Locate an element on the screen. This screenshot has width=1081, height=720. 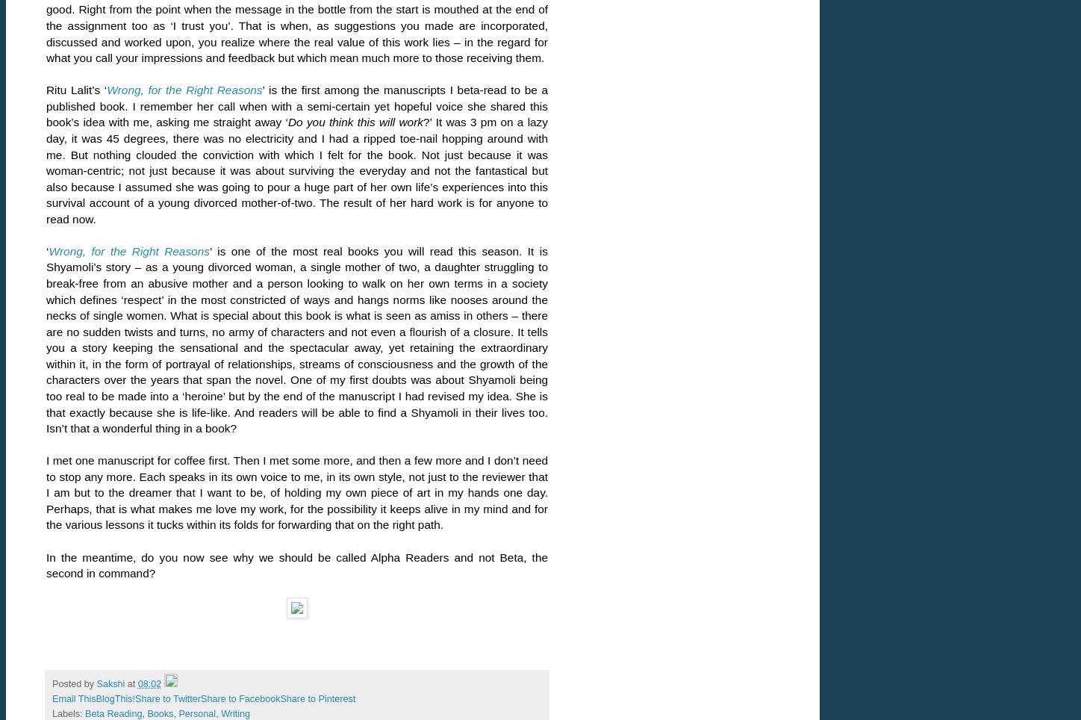
'Writing' is located at coordinates (219, 713).